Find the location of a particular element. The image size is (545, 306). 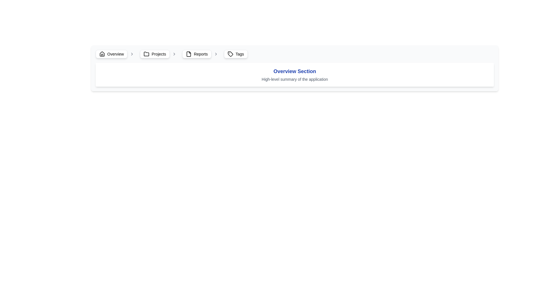

the 'Projects' navigation button in the breadcrumb component is located at coordinates (155, 54).